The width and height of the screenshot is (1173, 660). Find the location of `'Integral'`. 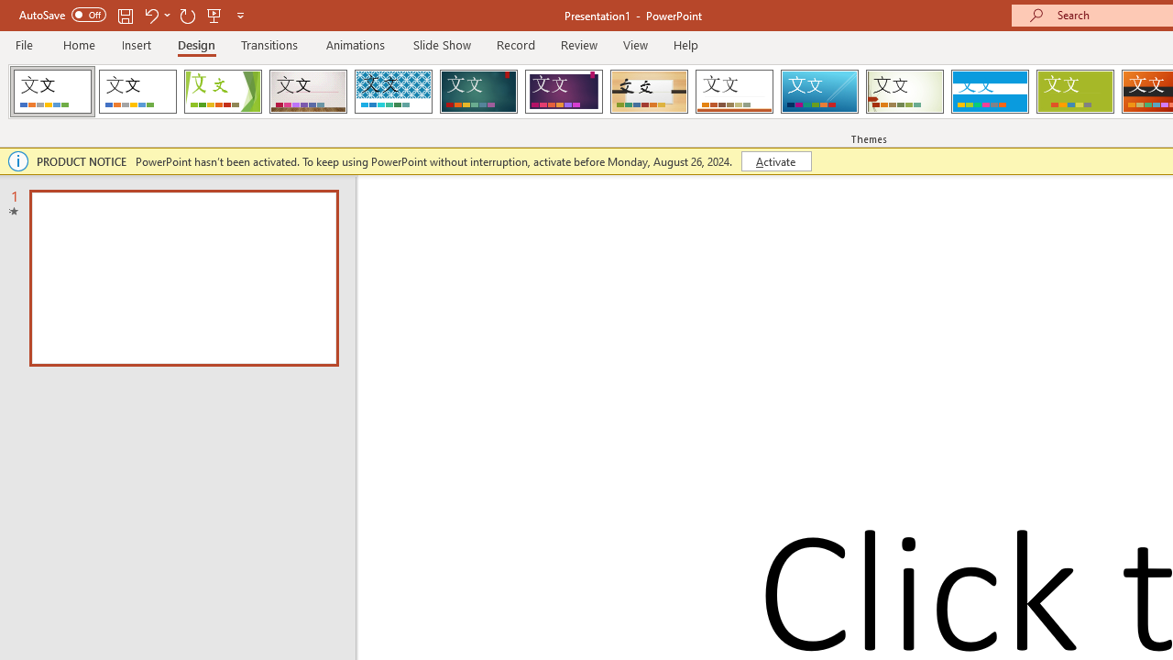

'Integral' is located at coordinates (392, 92).